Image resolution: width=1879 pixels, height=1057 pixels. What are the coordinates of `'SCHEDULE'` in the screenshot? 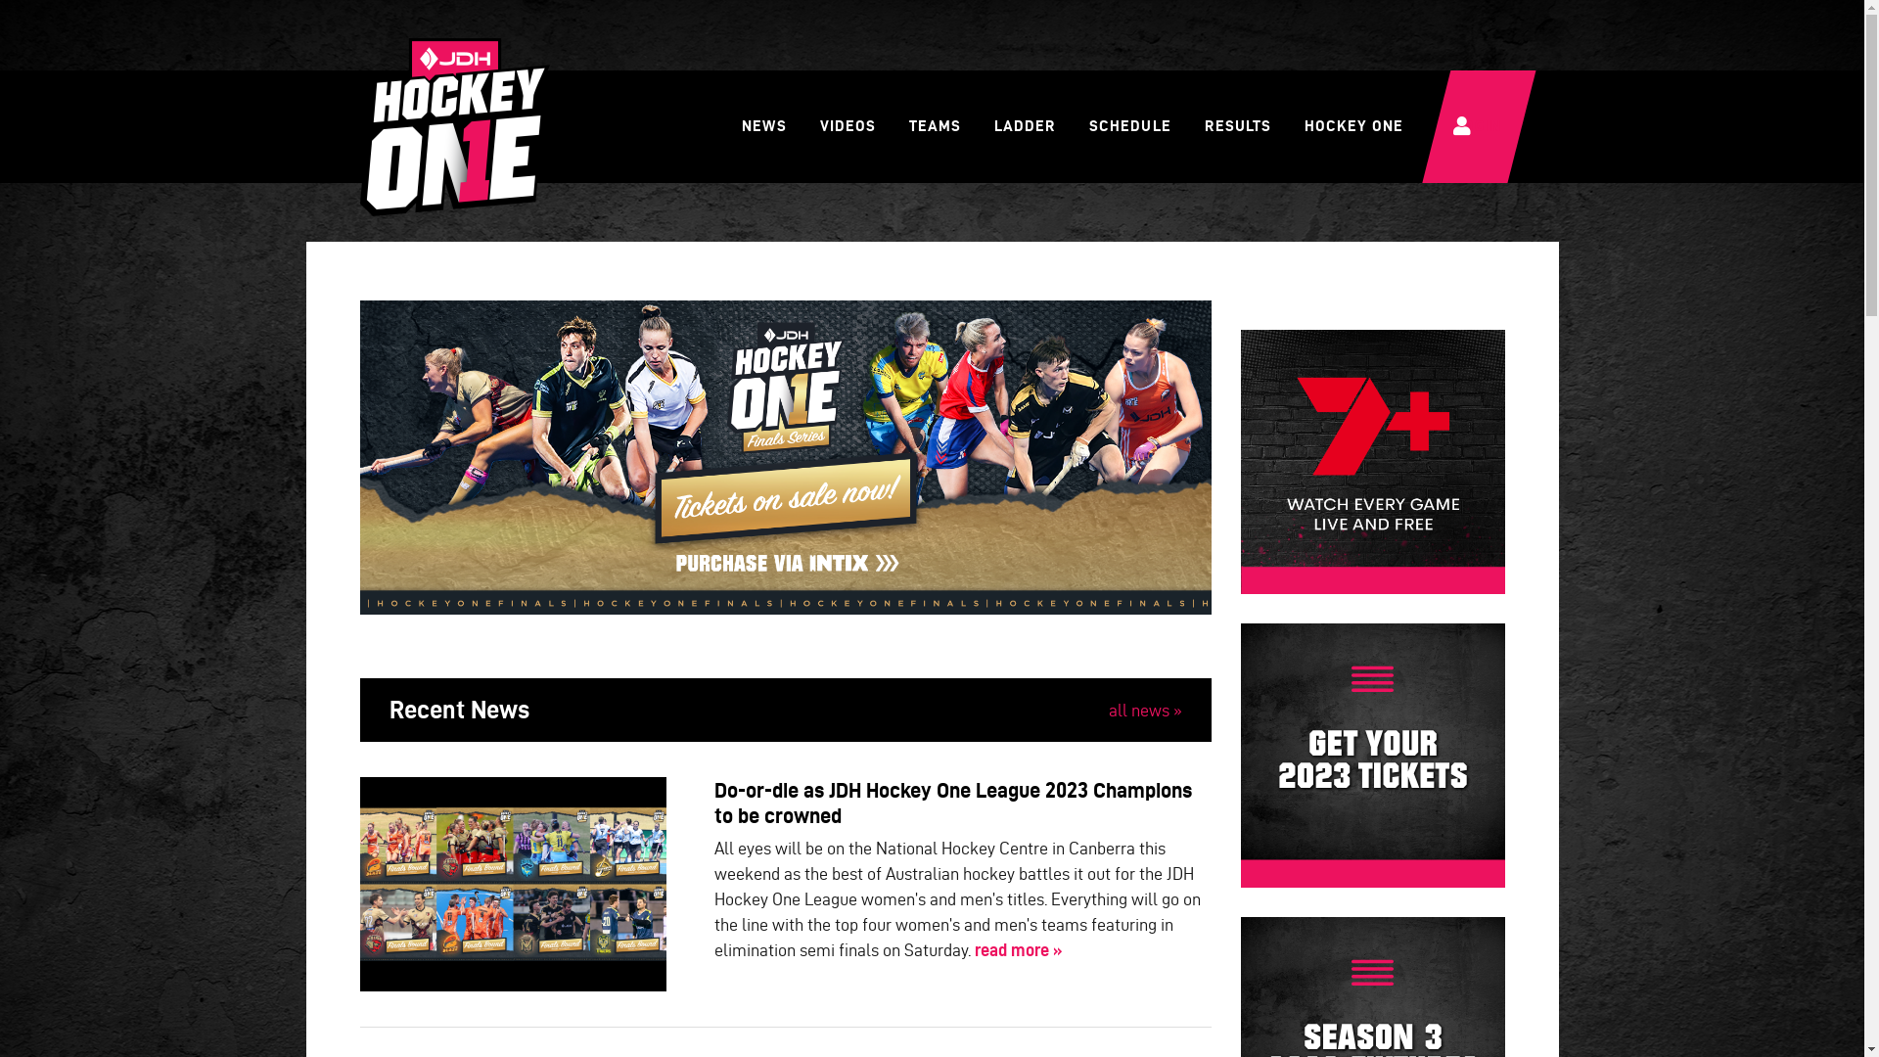 It's located at (1129, 126).